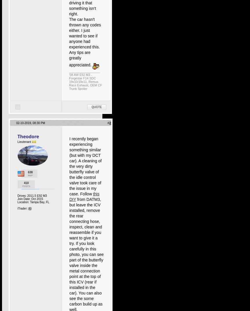  I want to click on 'Lieutenant', so click(24, 141).